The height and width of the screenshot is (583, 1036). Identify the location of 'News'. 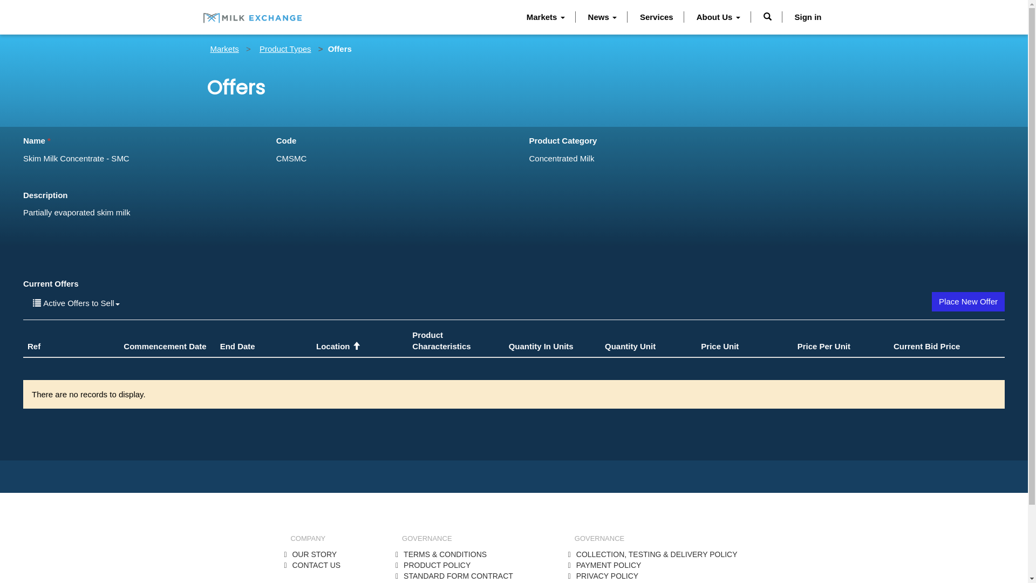
(602, 16).